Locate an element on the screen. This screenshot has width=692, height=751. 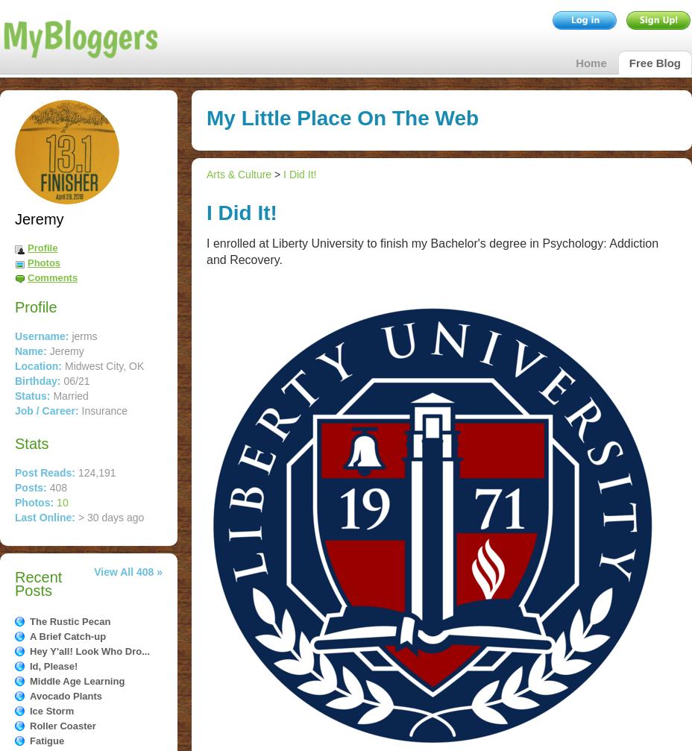
'Home' is located at coordinates (590, 63).